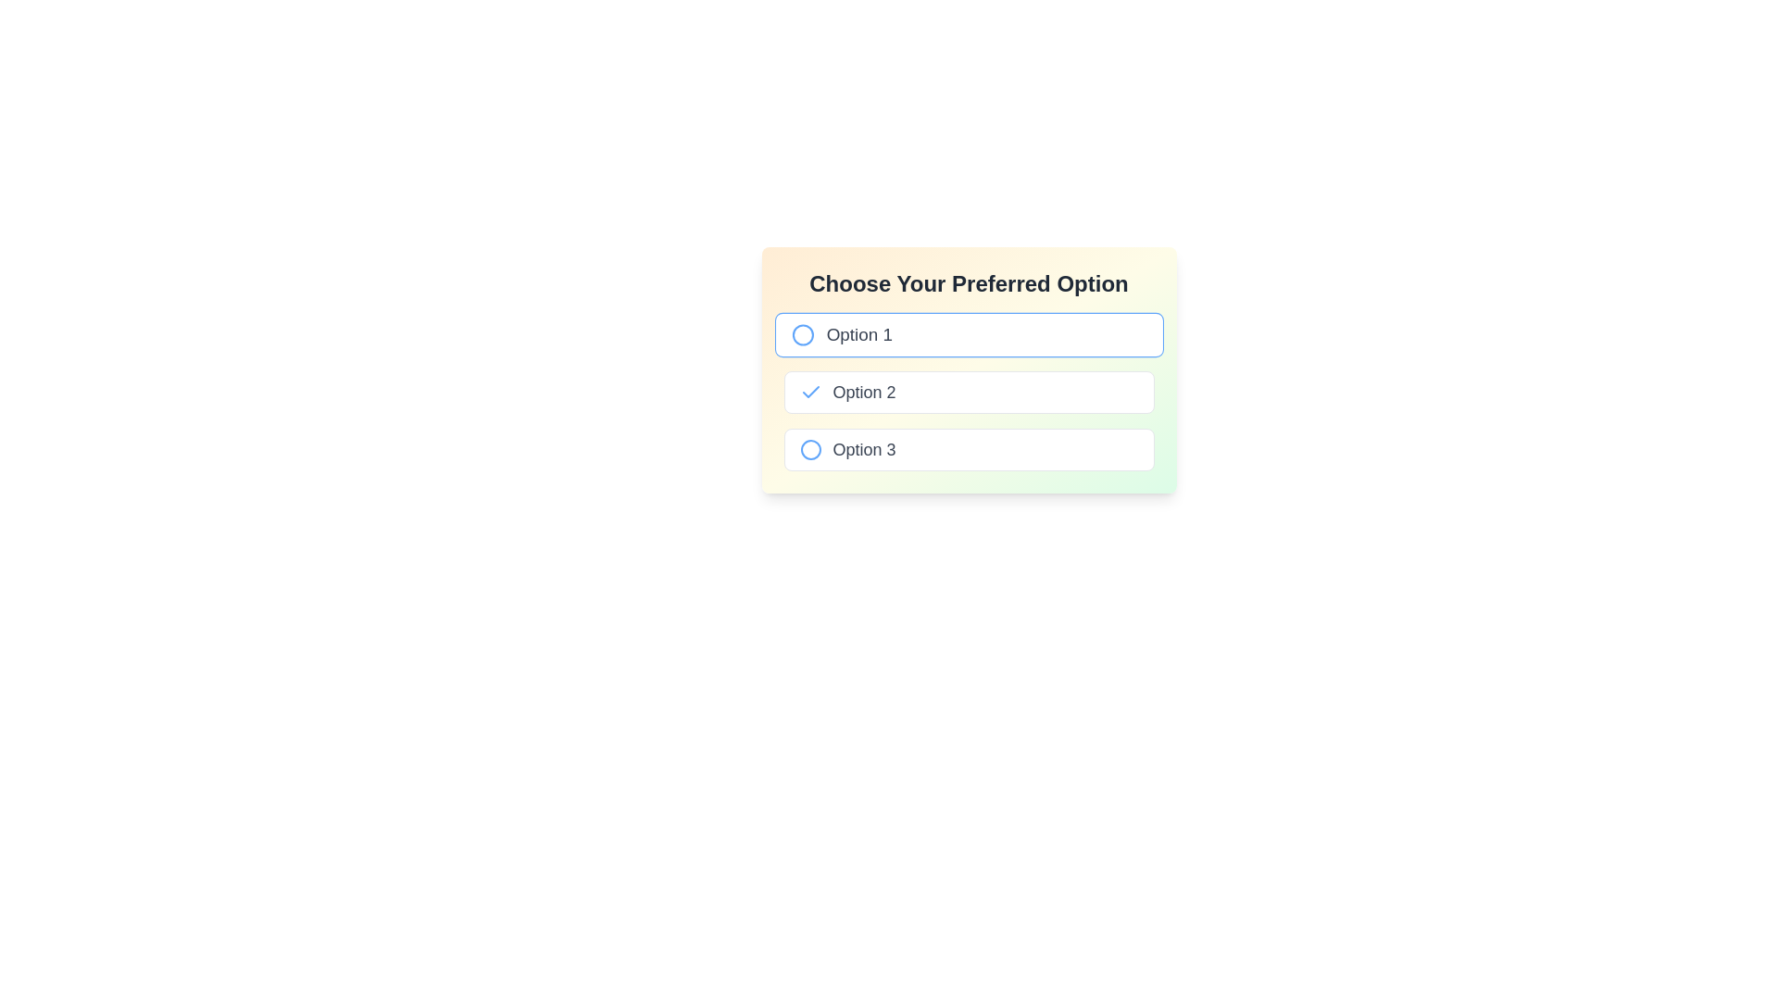  What do you see at coordinates (810, 392) in the screenshot?
I see `the state of the selection marker icon indicating that 'Option 2' is selected, which is positioned to the left of the text label 'Option 2'` at bounding box center [810, 392].